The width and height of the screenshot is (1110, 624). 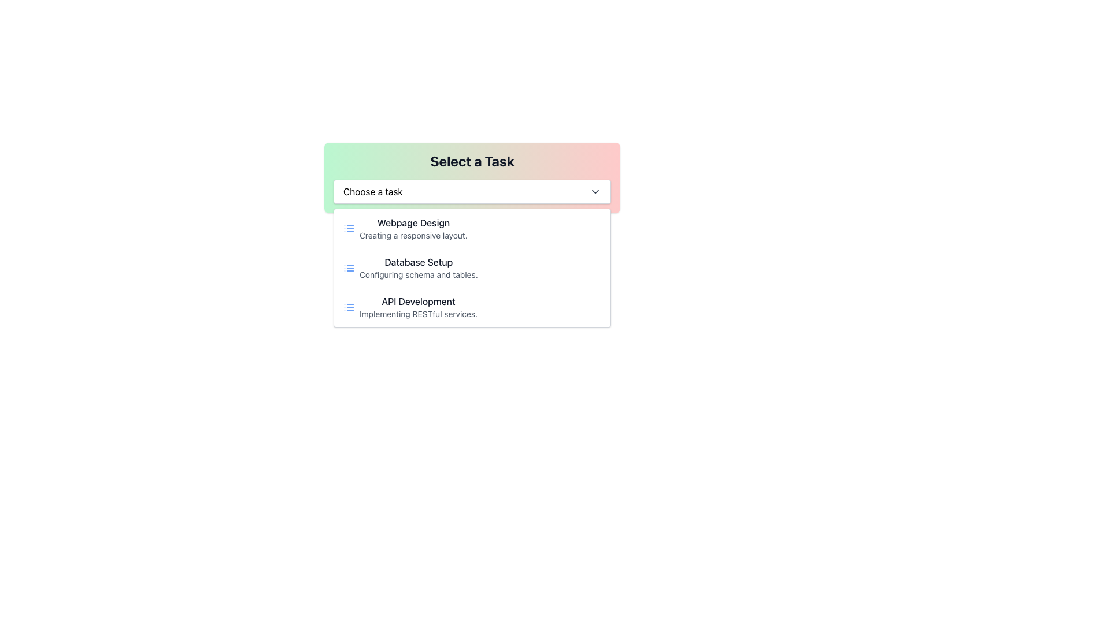 I want to click on the 'Database Setup' dropdown list item, which is the second entry under 'Select a Task', so click(x=472, y=268).